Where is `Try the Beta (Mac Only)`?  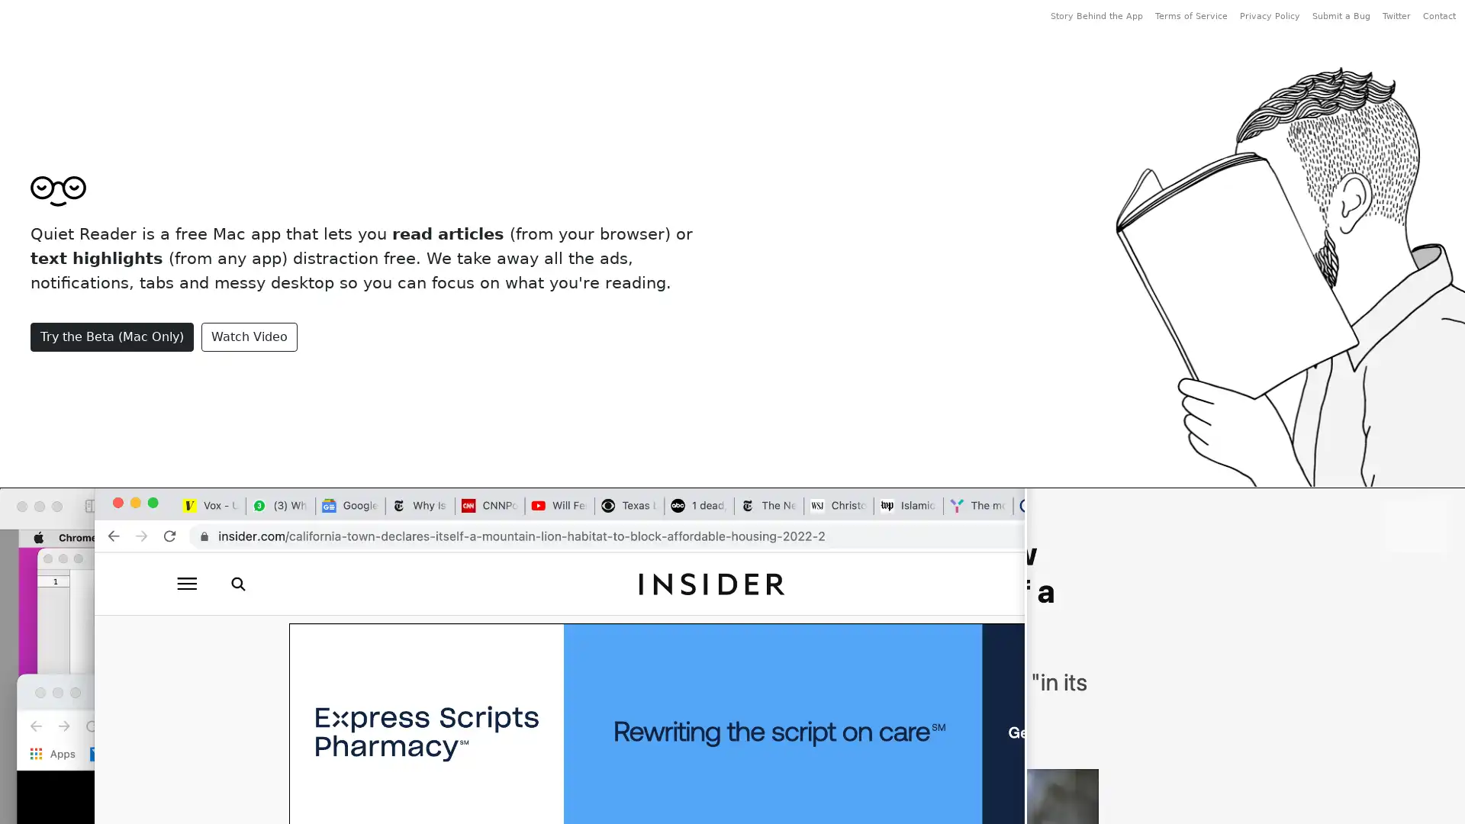
Try the Beta (Mac Only) is located at coordinates (111, 335).